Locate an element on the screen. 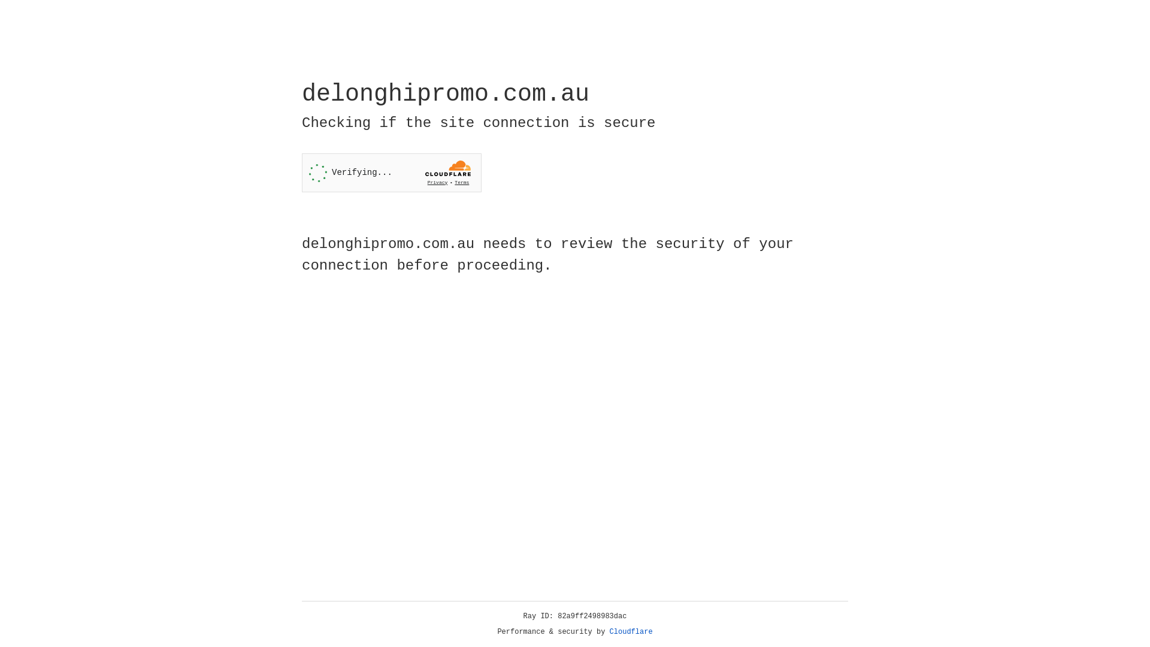  'Widget containing a Cloudflare security challenge' is located at coordinates (391, 173).